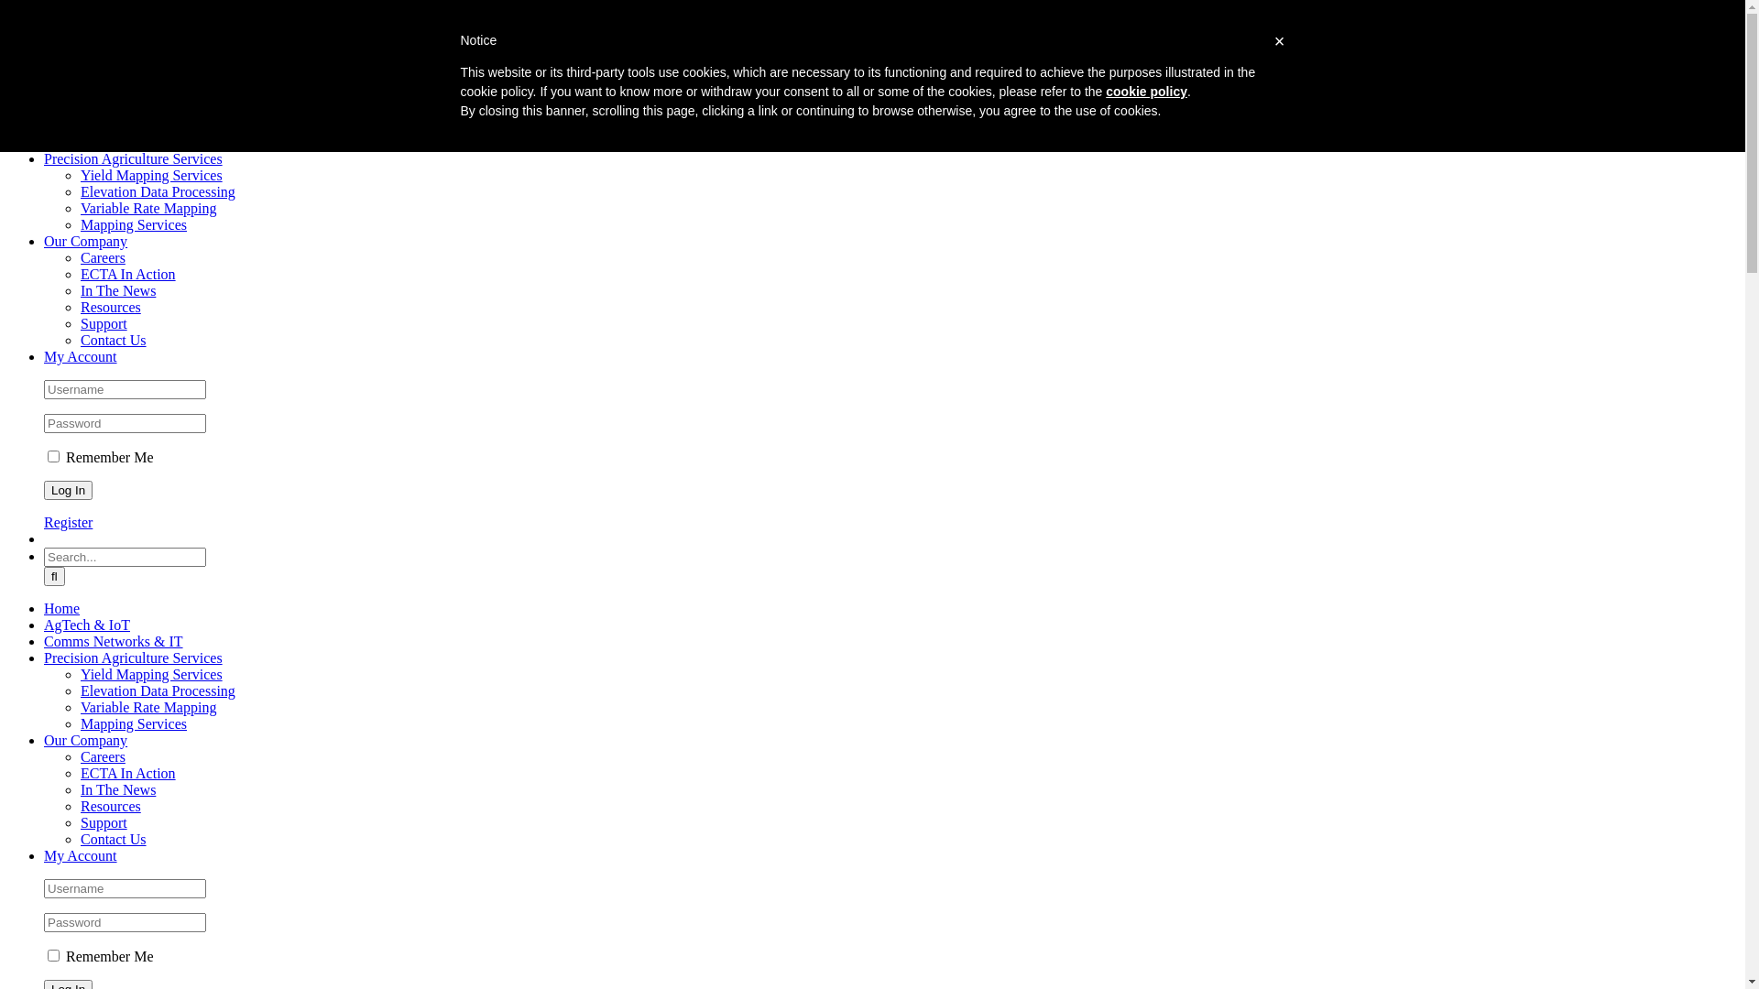  What do you see at coordinates (68, 522) in the screenshot?
I see `'Register'` at bounding box center [68, 522].